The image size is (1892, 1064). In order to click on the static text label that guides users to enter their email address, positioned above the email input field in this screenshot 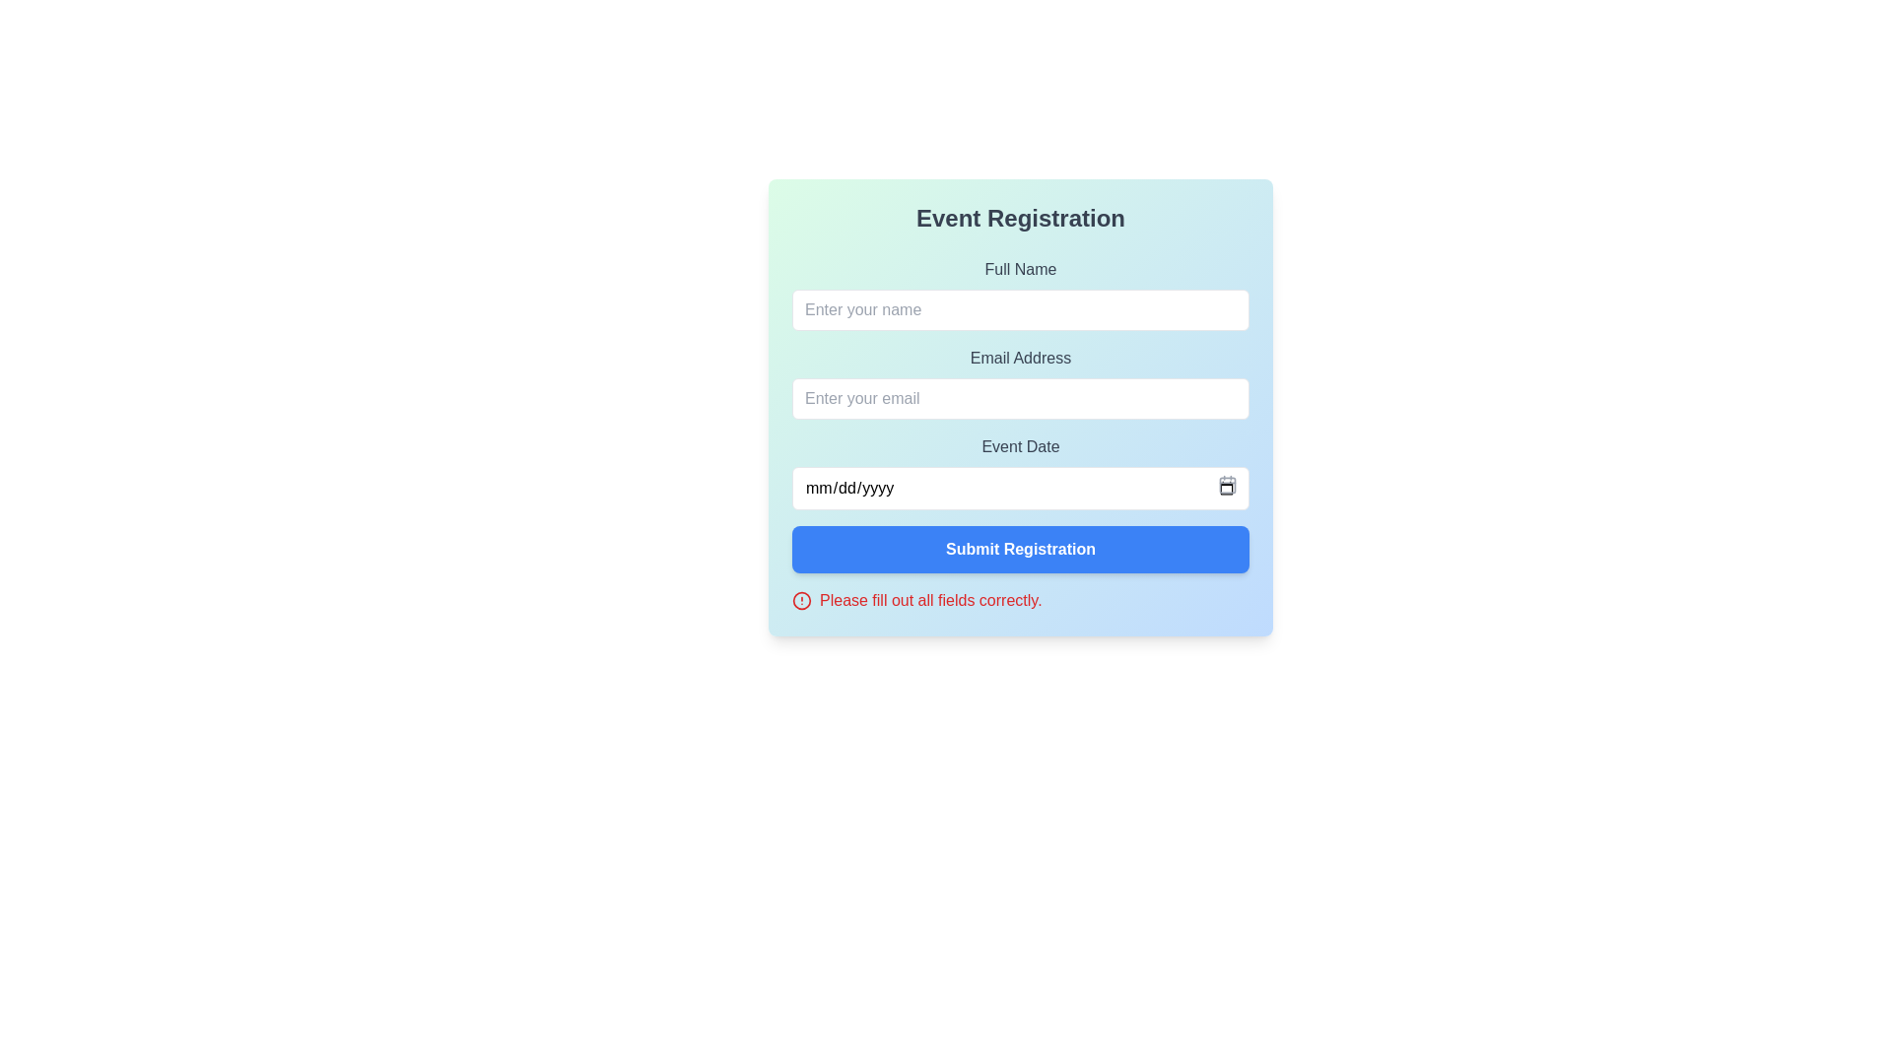, I will do `click(1021, 358)`.